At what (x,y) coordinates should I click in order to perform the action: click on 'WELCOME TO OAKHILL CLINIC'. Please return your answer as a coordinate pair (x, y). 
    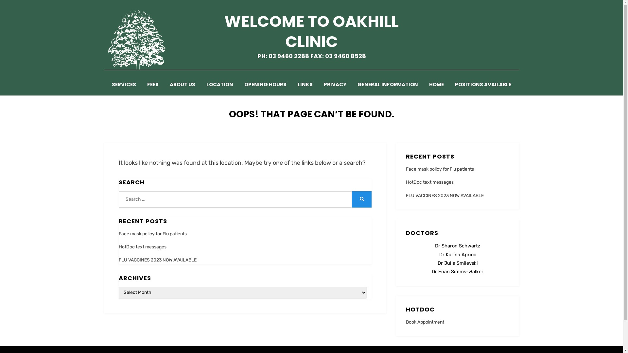
    Looking at the image, I should click on (311, 31).